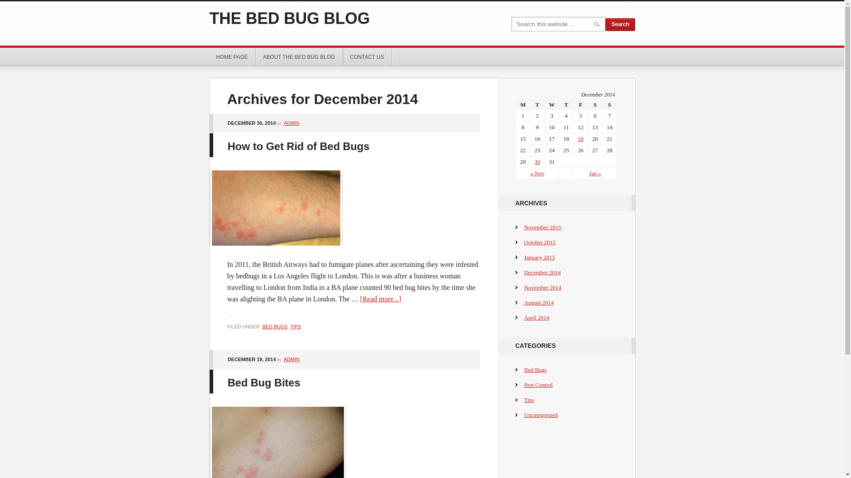 The image size is (851, 478). Describe the element at coordinates (529, 400) in the screenshot. I see `'Tips'` at that location.